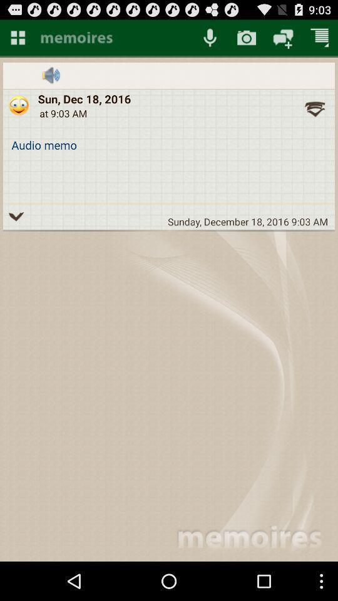 The width and height of the screenshot is (338, 601). Describe the element at coordinates (247, 40) in the screenshot. I see `the photo icon` at that location.